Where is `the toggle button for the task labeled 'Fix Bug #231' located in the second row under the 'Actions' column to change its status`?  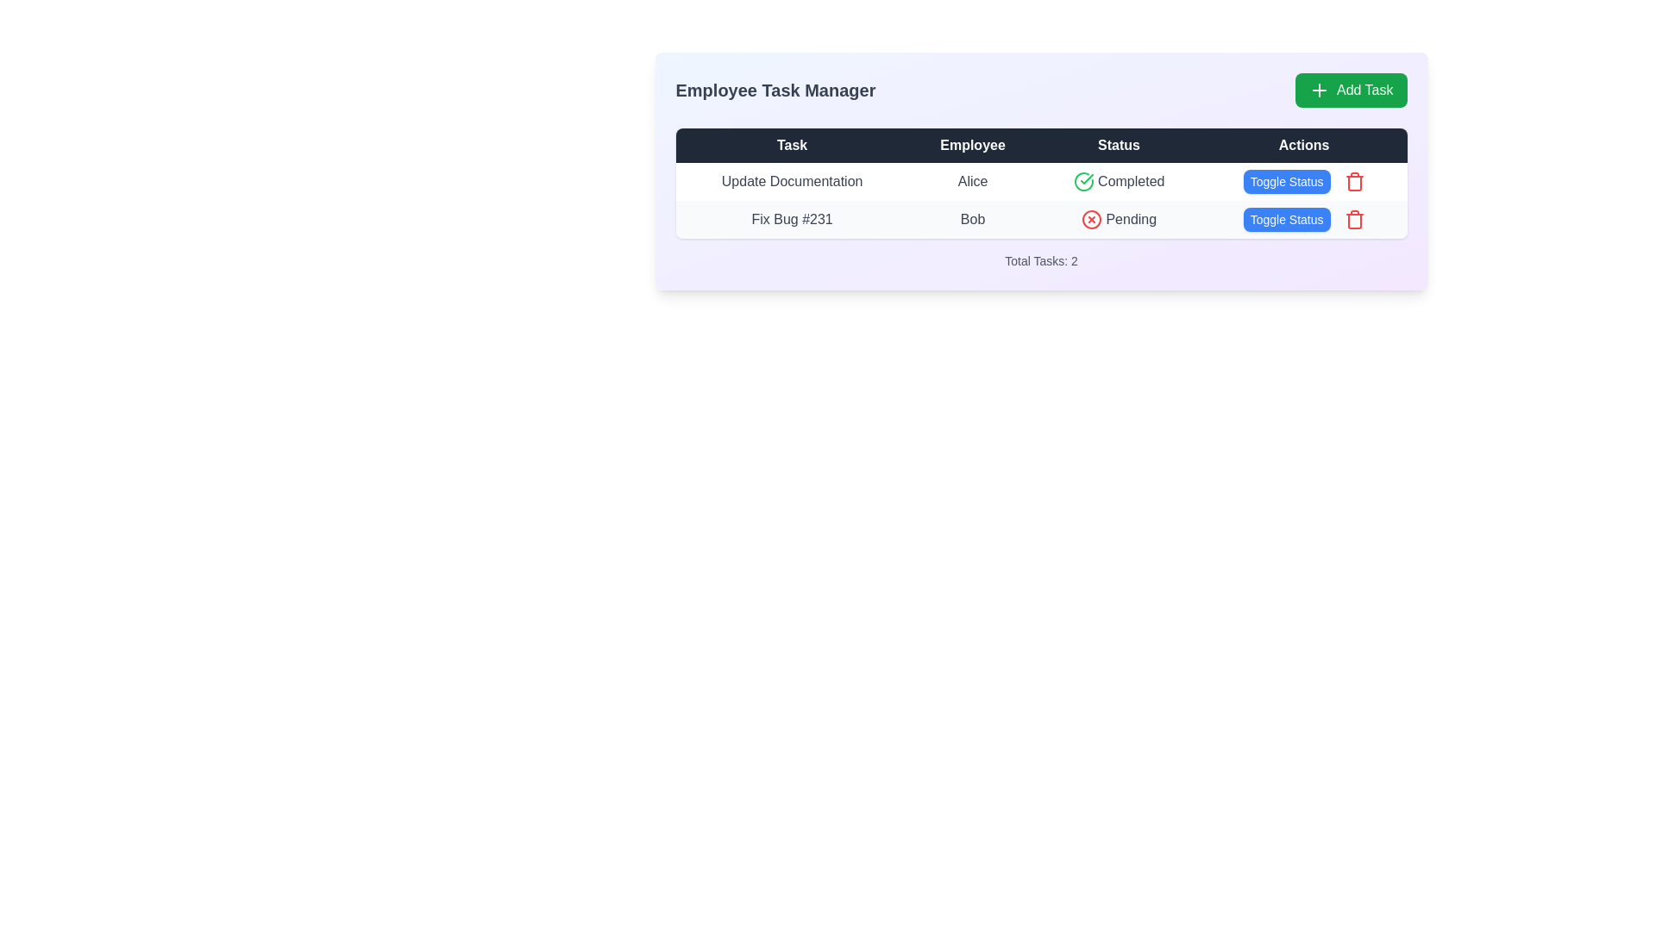 the toggle button for the task labeled 'Fix Bug #231' located in the second row under the 'Actions' column to change its status is located at coordinates (1304, 218).